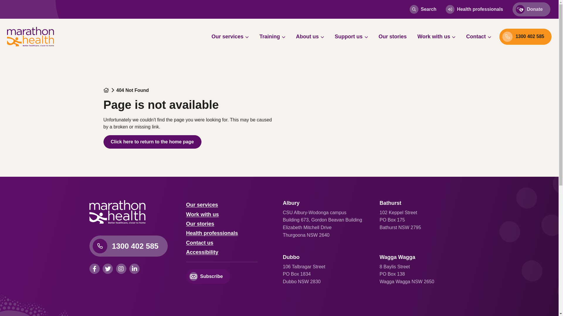 Image resolution: width=563 pixels, height=316 pixels. I want to click on '1300 402 585', so click(128, 246).